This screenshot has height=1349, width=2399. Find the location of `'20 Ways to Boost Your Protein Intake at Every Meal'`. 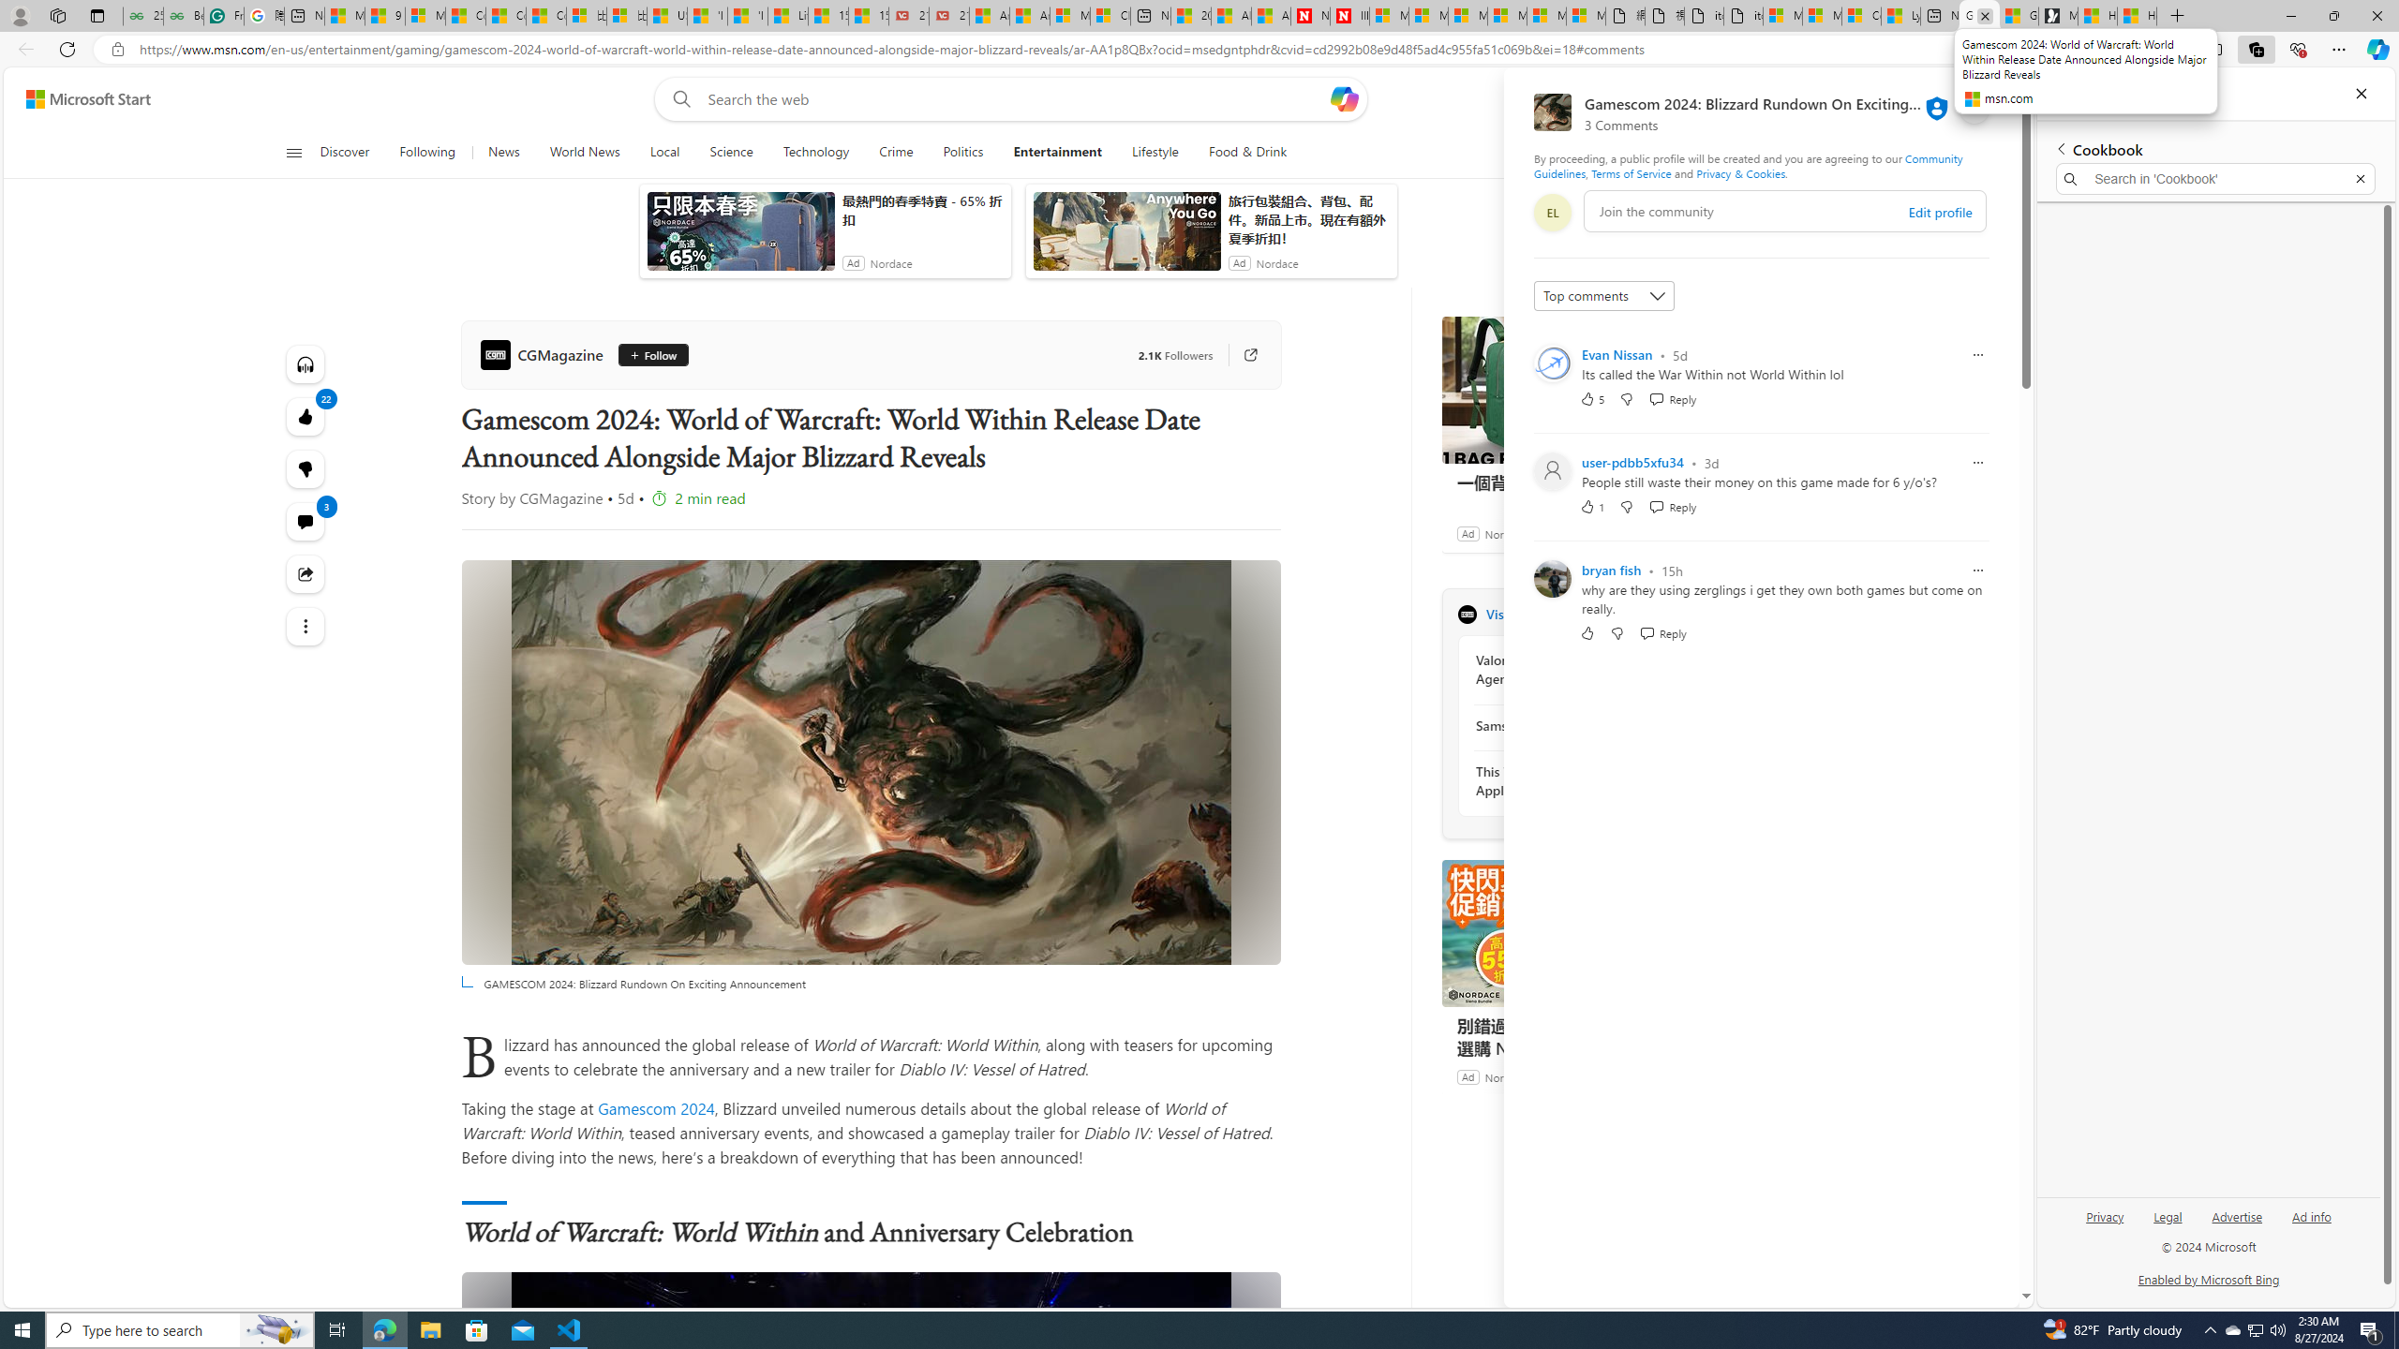

'20 Ways to Boost Your Protein Intake at Every Meal' is located at coordinates (1191, 15).